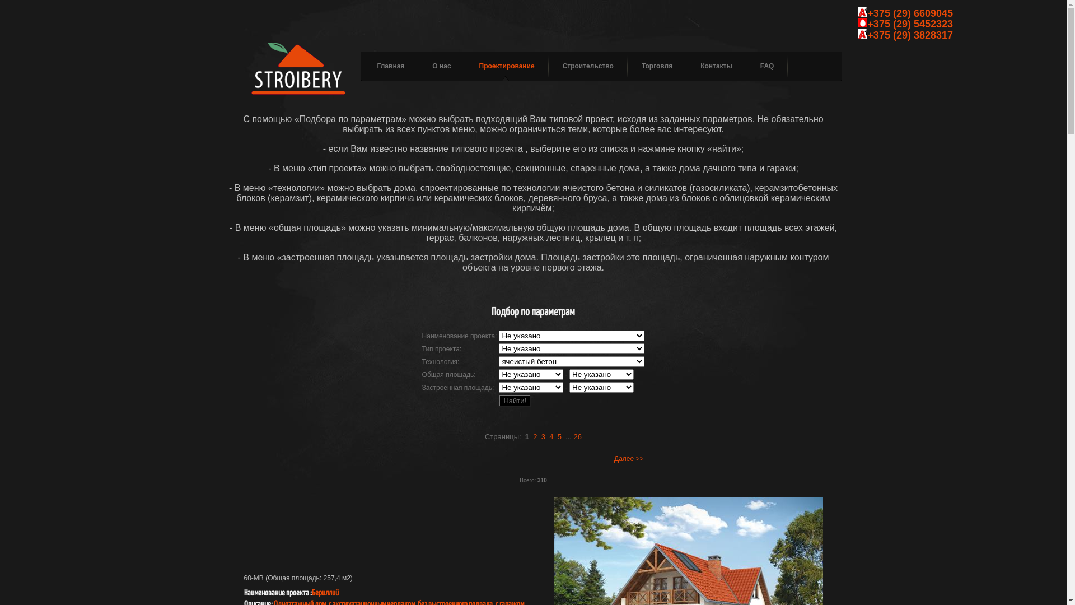 This screenshot has width=1075, height=605. Describe the element at coordinates (543, 436) in the screenshot. I see `'3'` at that location.